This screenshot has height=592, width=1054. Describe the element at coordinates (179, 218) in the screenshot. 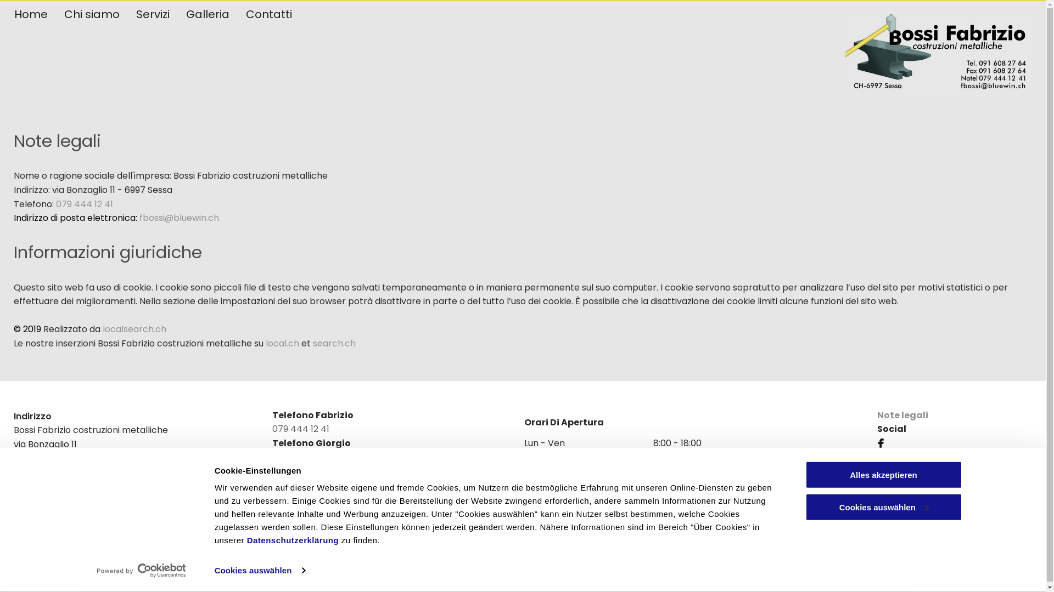

I see `'fbossi@bluewin.ch'` at that location.